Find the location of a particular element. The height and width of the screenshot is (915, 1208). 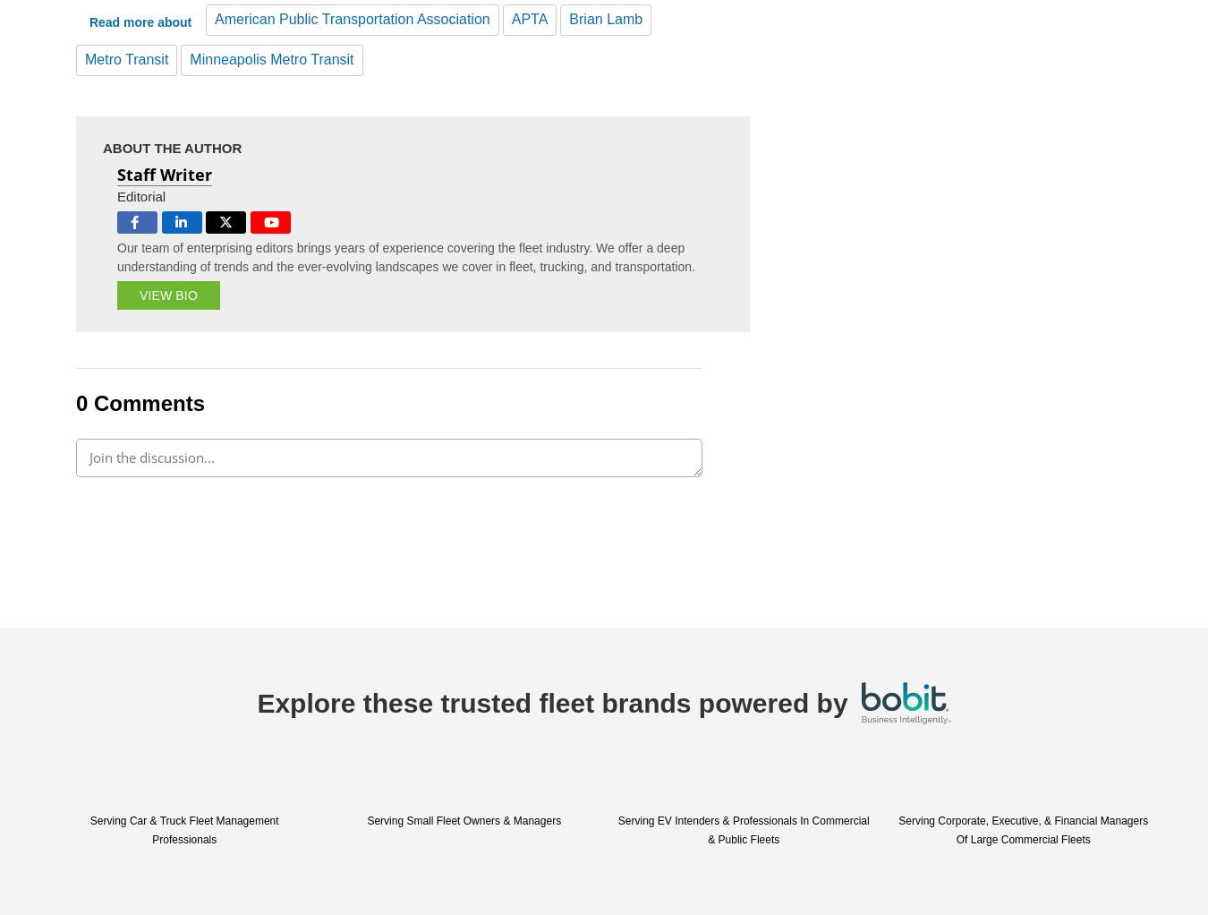

'Explore these trusted fleet brands powered by' is located at coordinates (256, 703).